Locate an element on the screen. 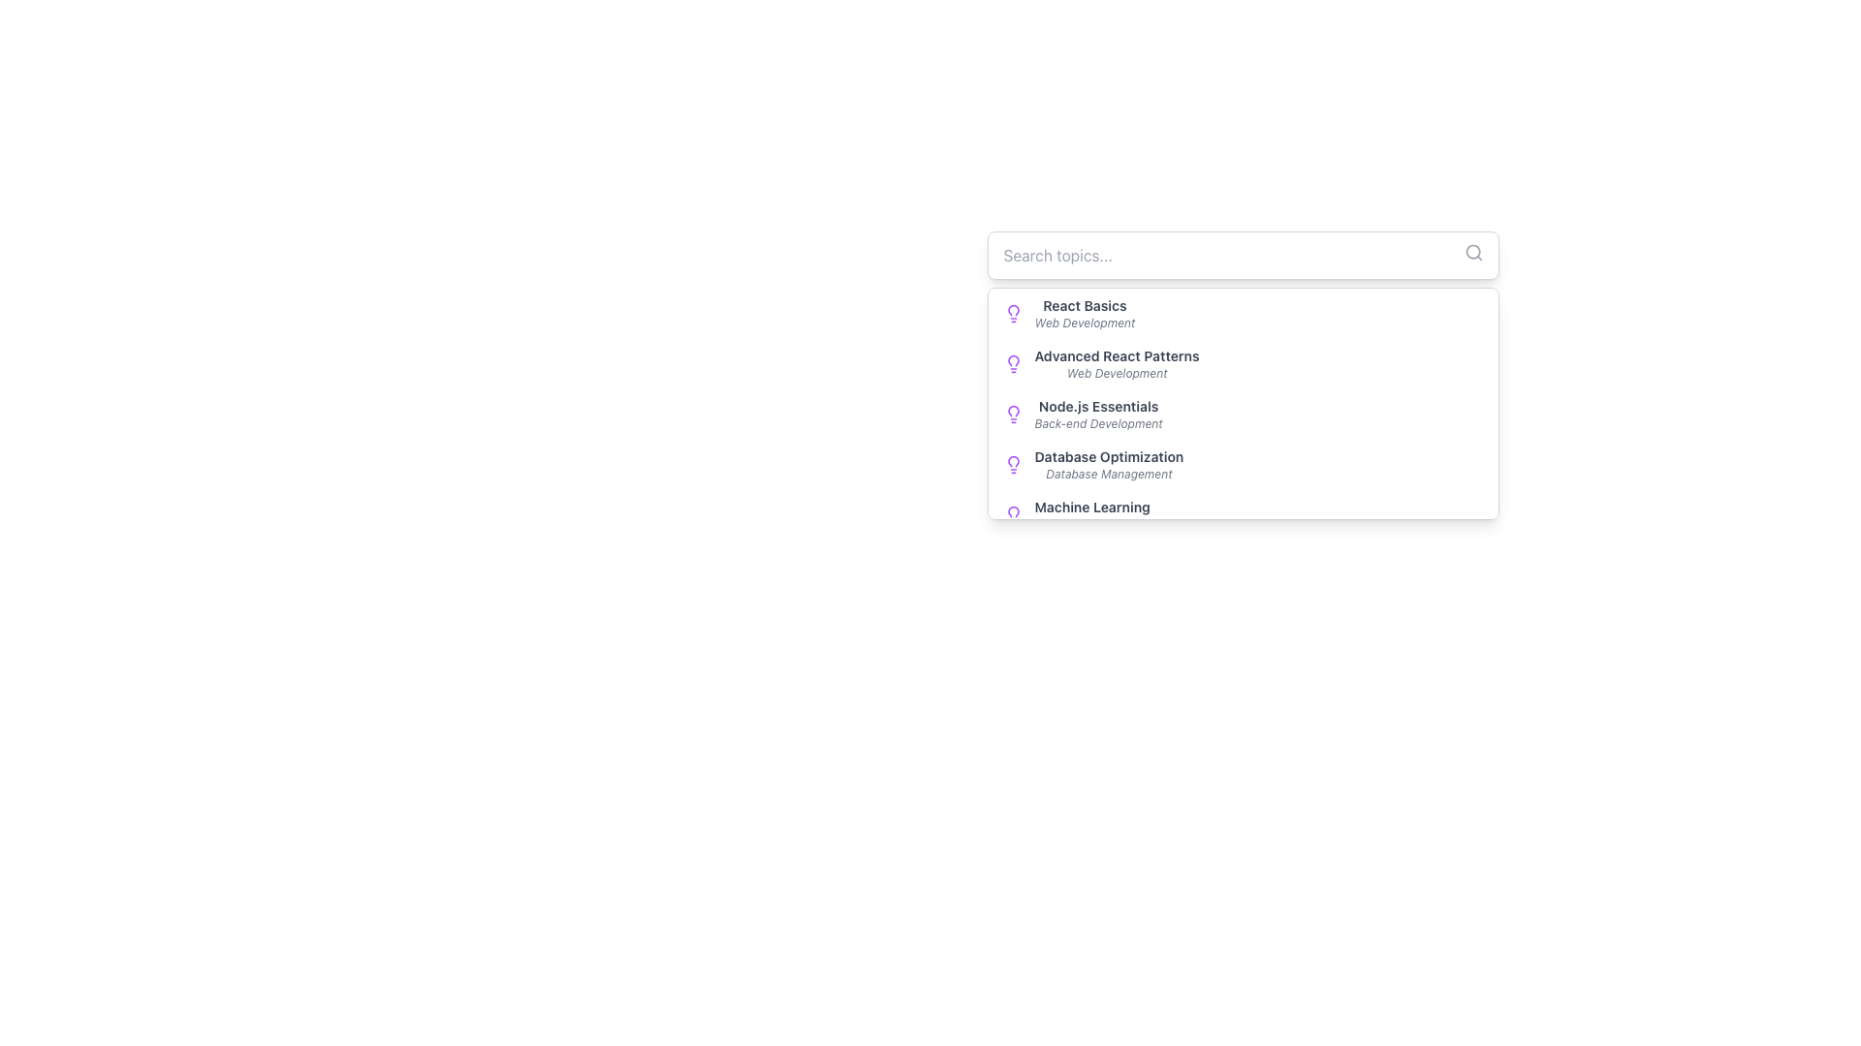  the text label 'Node.js Essentials' is located at coordinates (1098, 406).